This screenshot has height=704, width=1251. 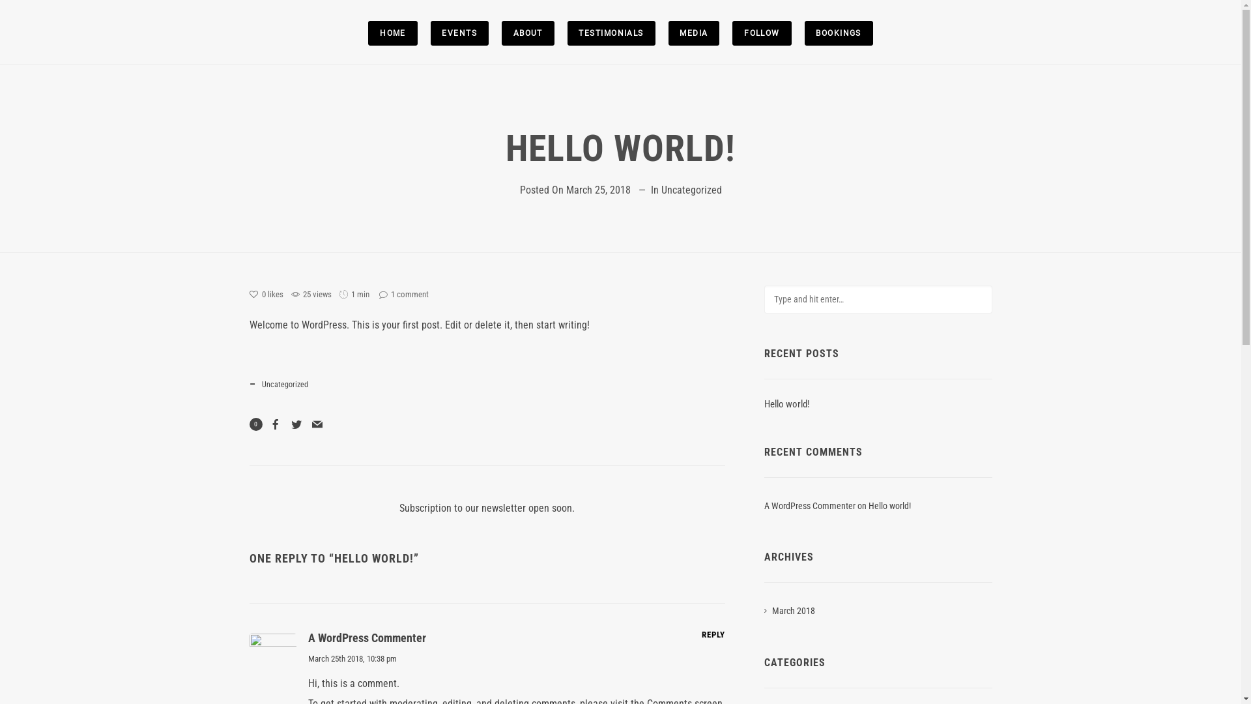 What do you see at coordinates (693, 32) in the screenshot?
I see `'MEDIA'` at bounding box center [693, 32].